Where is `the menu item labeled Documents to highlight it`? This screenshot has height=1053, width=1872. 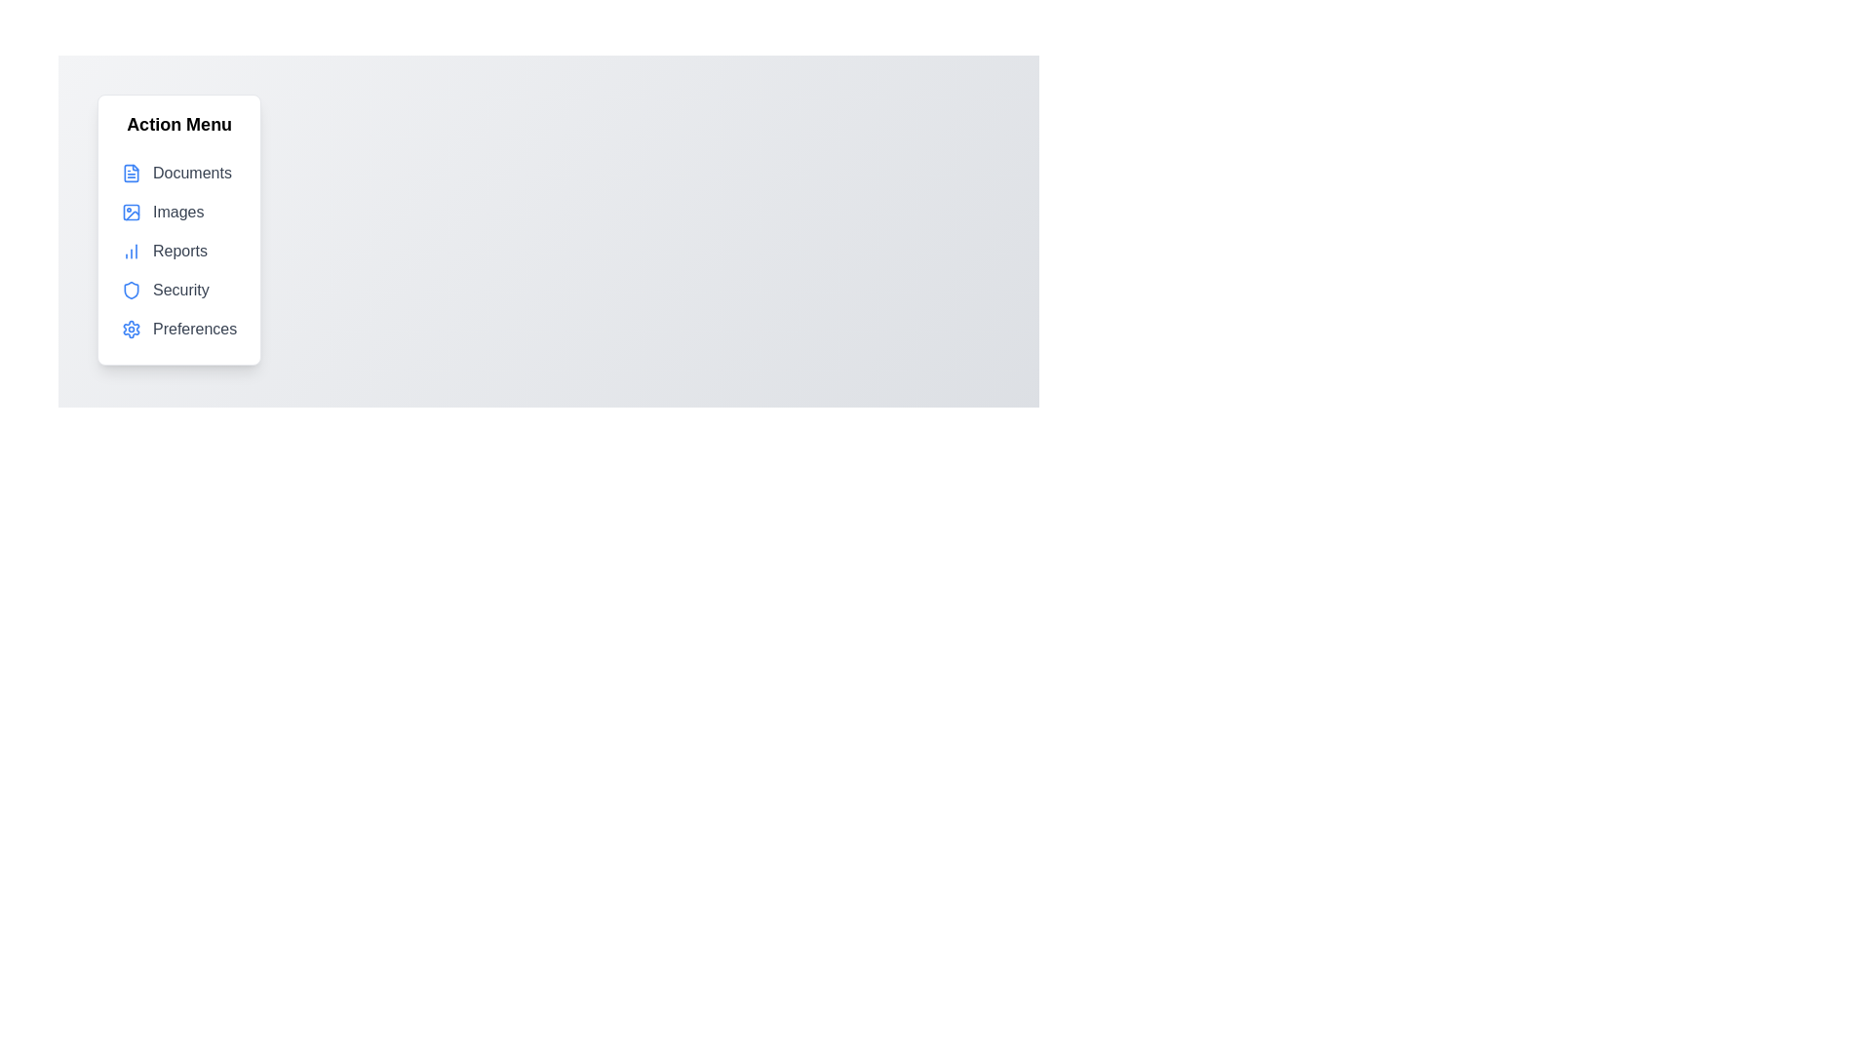 the menu item labeled Documents to highlight it is located at coordinates (178, 172).